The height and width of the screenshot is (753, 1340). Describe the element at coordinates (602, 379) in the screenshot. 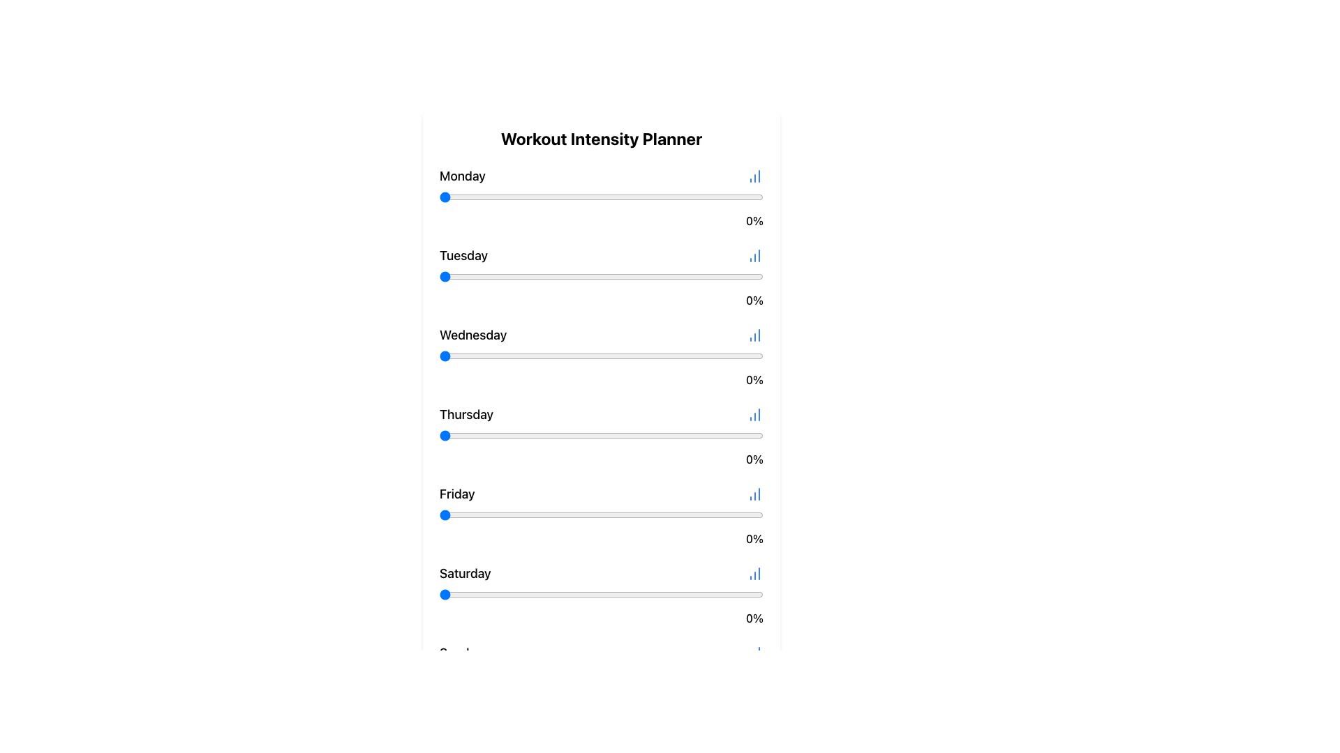

I see `the text display showing '0%' in the Wednesday section of the weekly planner interface, located below the intensity slider` at that location.